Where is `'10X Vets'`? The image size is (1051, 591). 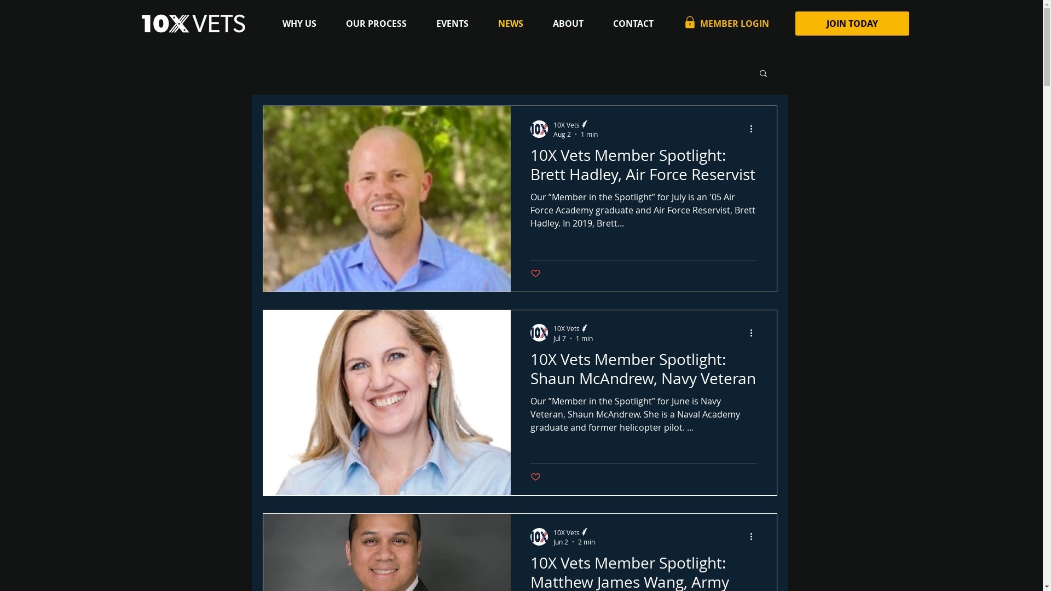 '10X Vets' is located at coordinates (572, 327).